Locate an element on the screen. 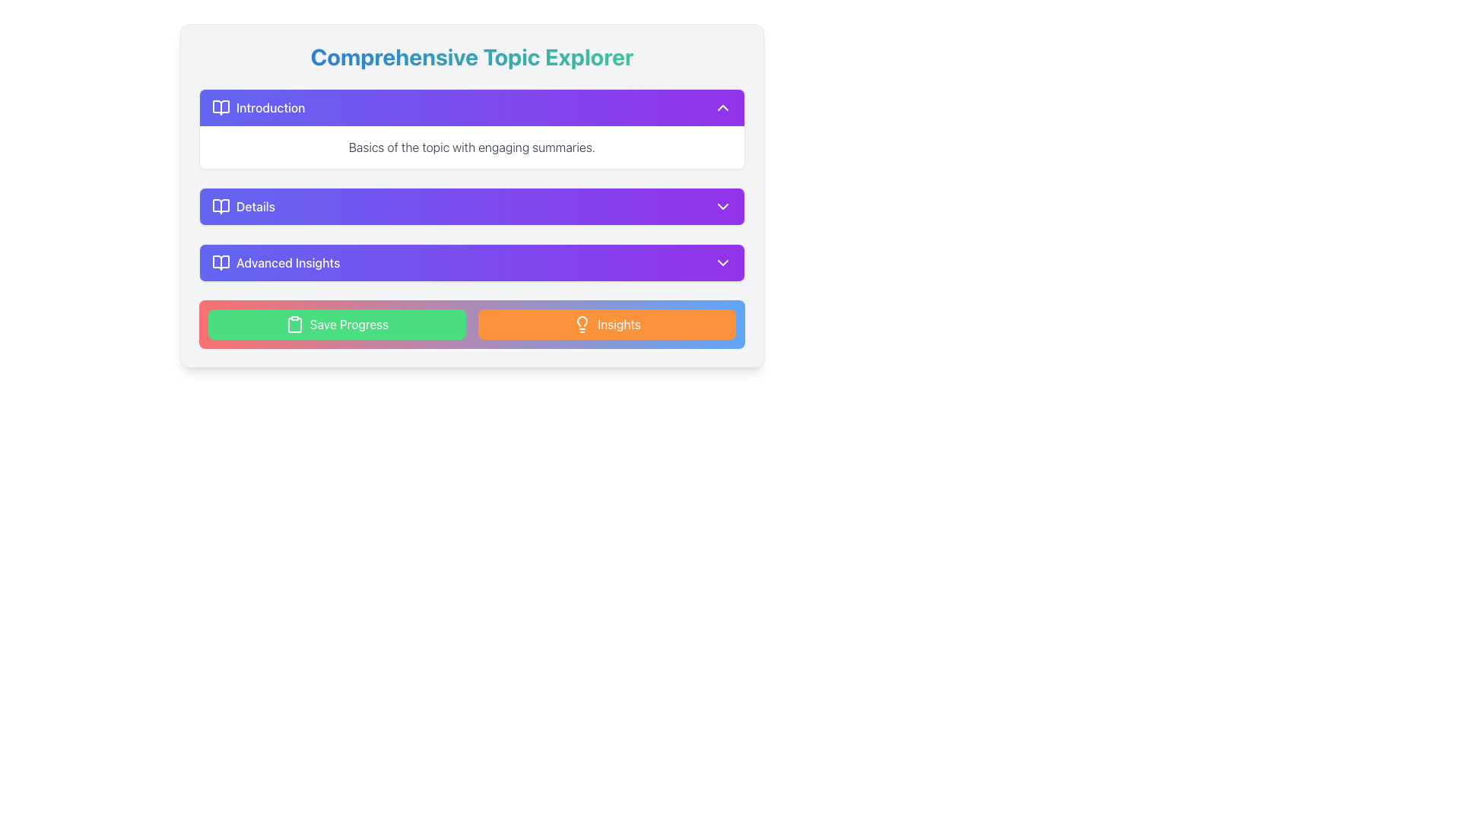 Image resolution: width=1460 pixels, height=821 pixels. the open book icon located slightly to the left of the center of the purple button labeled 'Details' is located at coordinates (221, 207).